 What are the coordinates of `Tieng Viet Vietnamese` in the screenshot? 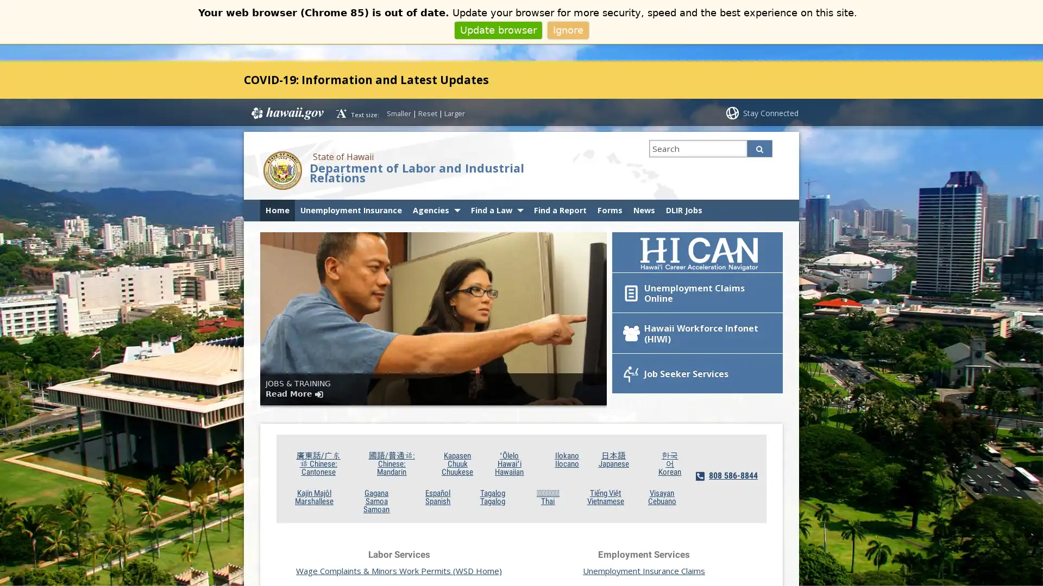 It's located at (604, 502).